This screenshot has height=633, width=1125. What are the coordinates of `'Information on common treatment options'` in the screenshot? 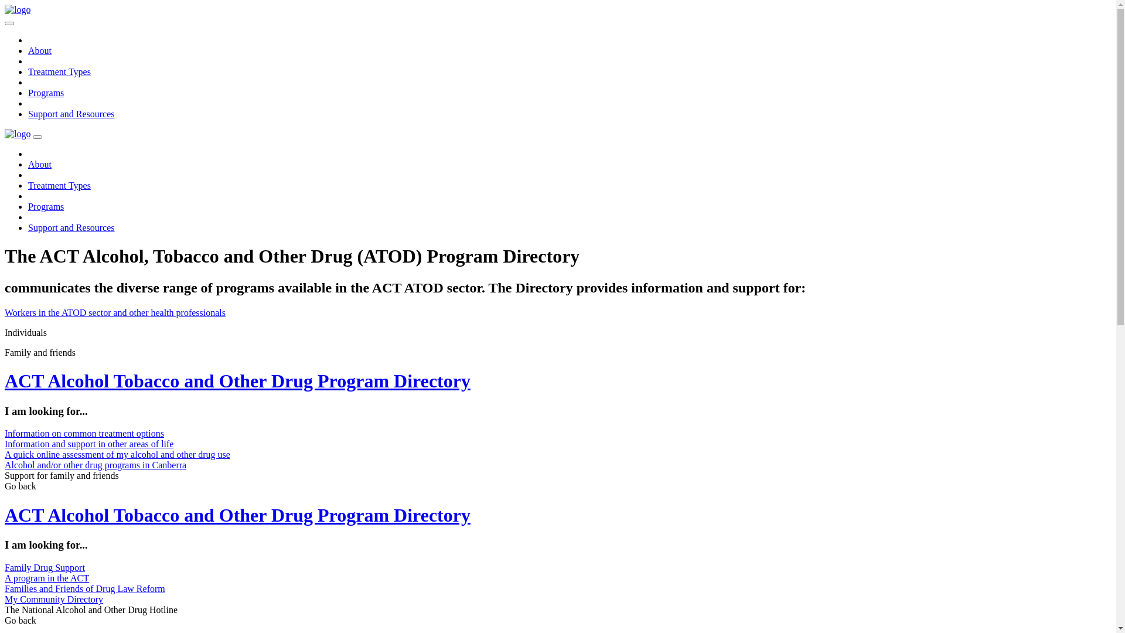 It's located at (5, 433).